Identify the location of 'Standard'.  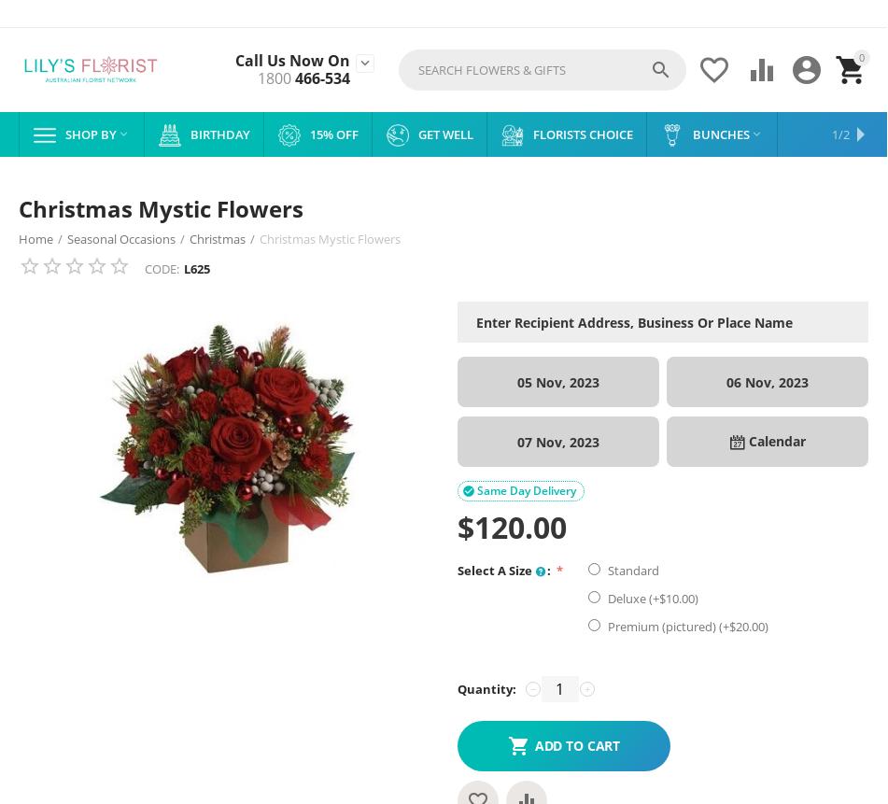
(602, 569).